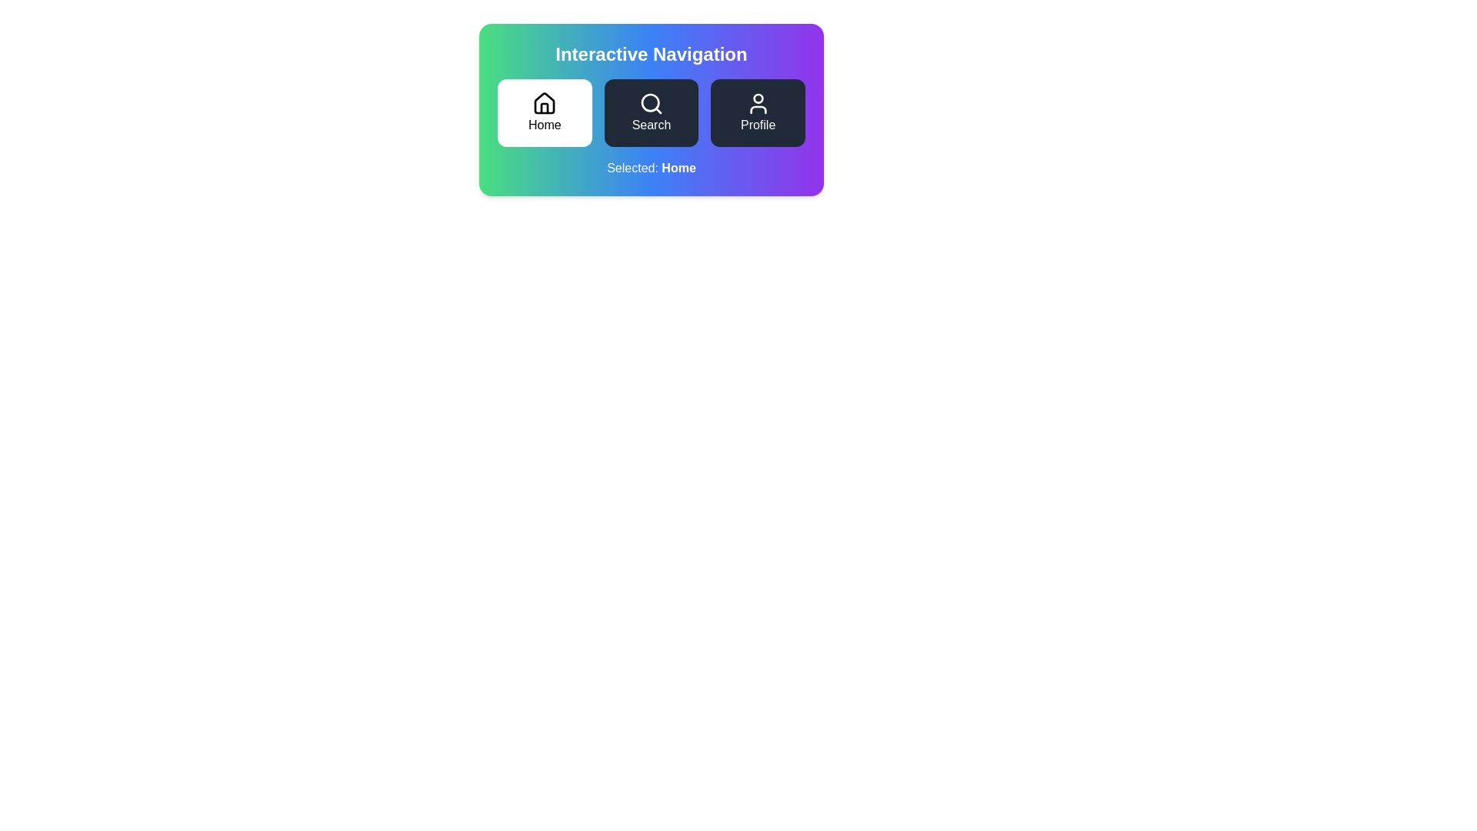 The width and height of the screenshot is (1477, 831). Describe the element at coordinates (545, 124) in the screenshot. I see `the text label element displaying 'Home'` at that location.